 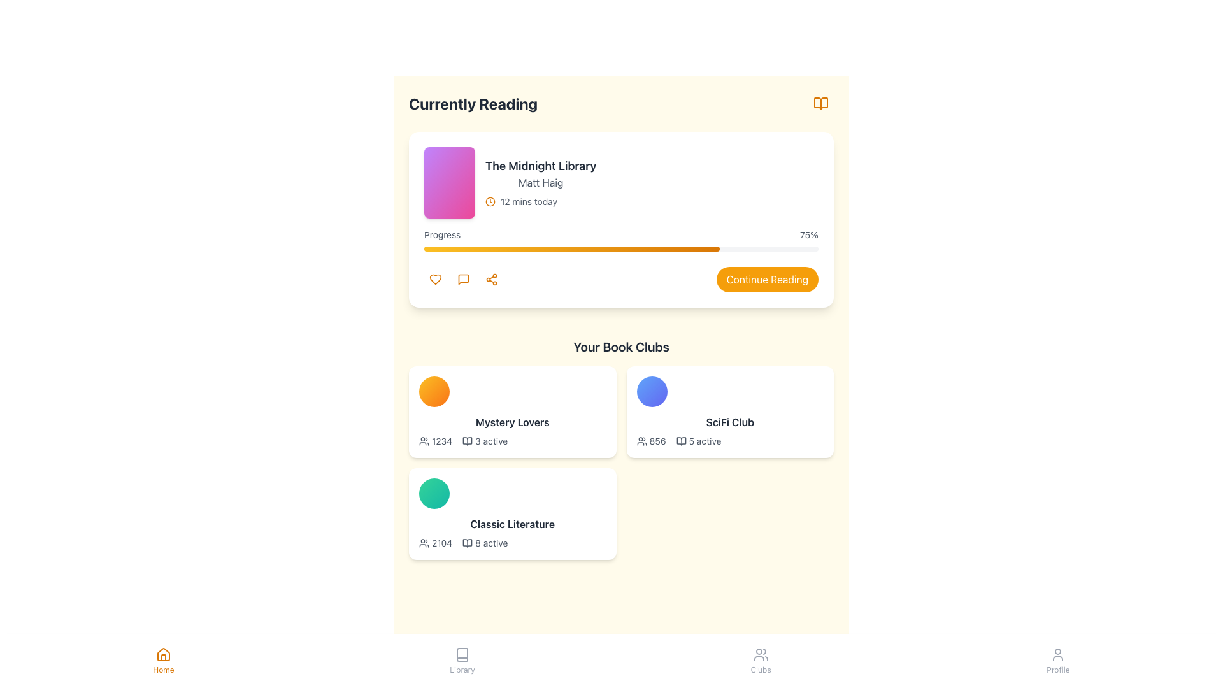 I want to click on the interactive icon located in the top left corner of the 'Mystery Lovers' book club card, next to the text '3 active', to interact with it, so click(x=467, y=441).